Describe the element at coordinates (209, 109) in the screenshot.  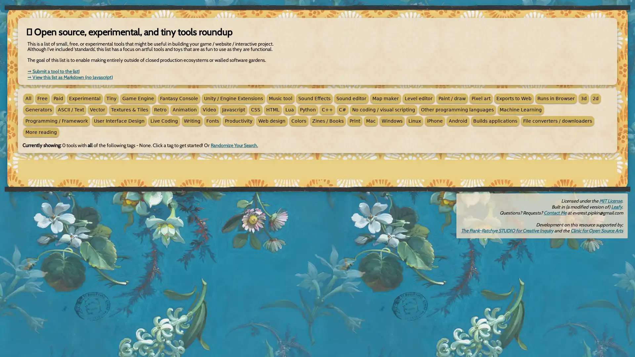
I see `Video` at that location.